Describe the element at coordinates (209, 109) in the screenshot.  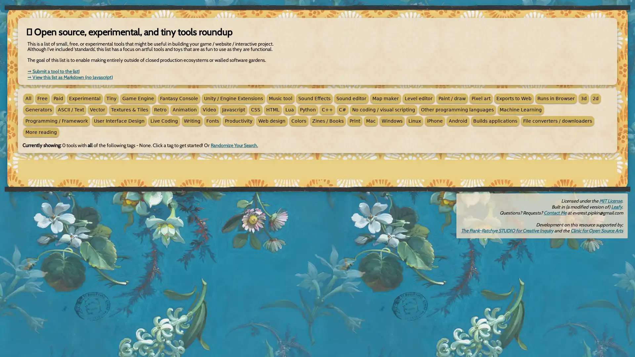
I see `Video` at that location.